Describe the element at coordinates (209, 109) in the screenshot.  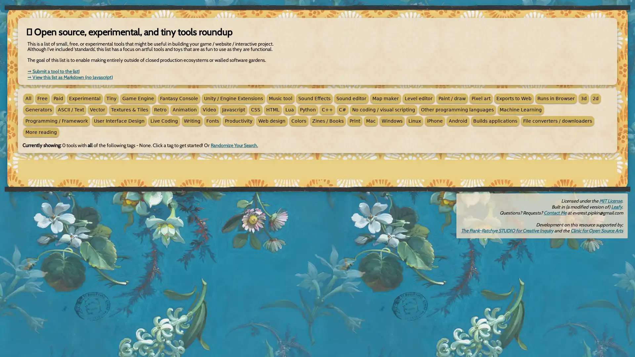
I see `Video` at that location.